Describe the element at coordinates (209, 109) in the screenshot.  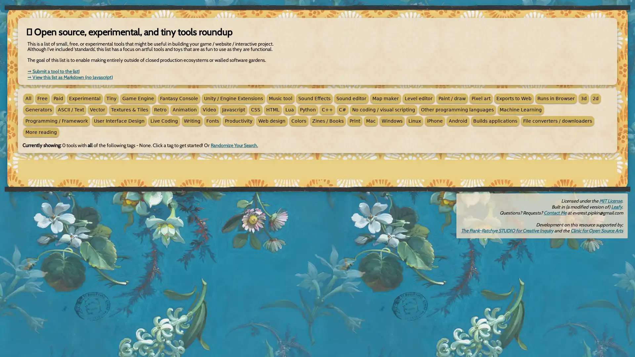
I see `Video` at that location.